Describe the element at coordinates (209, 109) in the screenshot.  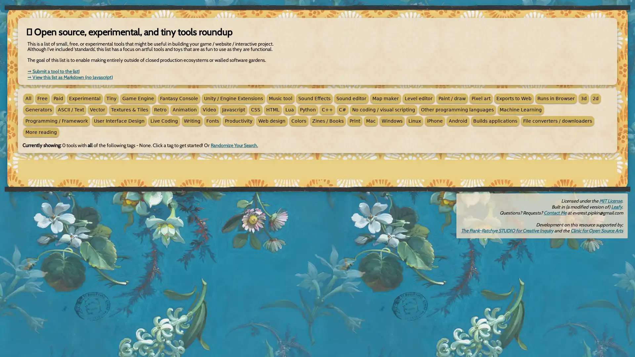
I see `Video` at that location.